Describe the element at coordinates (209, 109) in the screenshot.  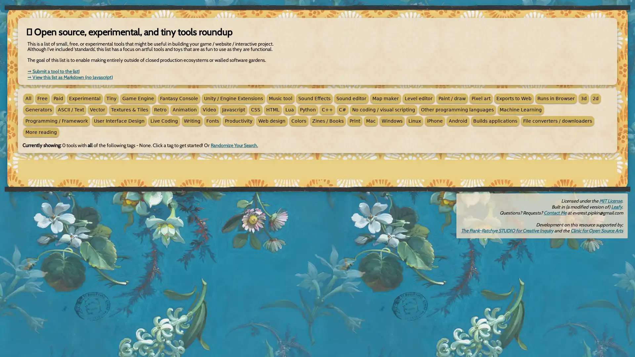
I see `Video` at that location.